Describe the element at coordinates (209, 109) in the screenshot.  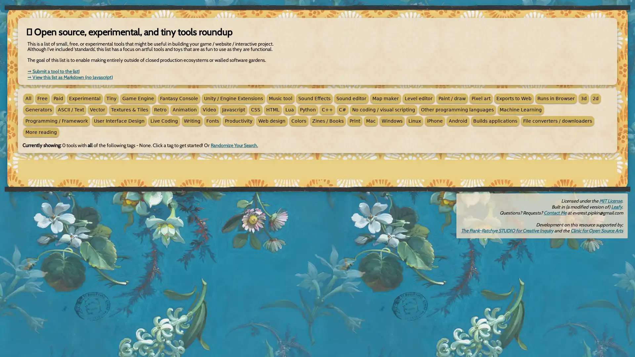
I see `Video` at that location.